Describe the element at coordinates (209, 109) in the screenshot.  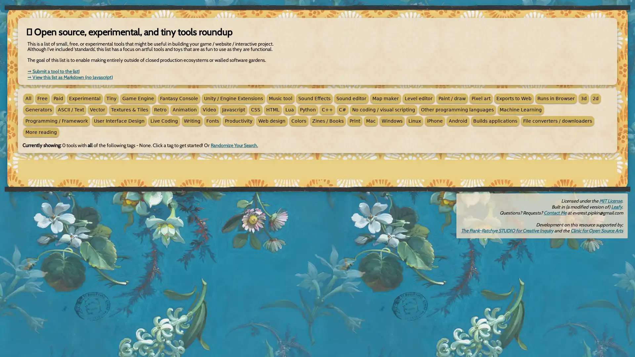
I see `Video` at that location.